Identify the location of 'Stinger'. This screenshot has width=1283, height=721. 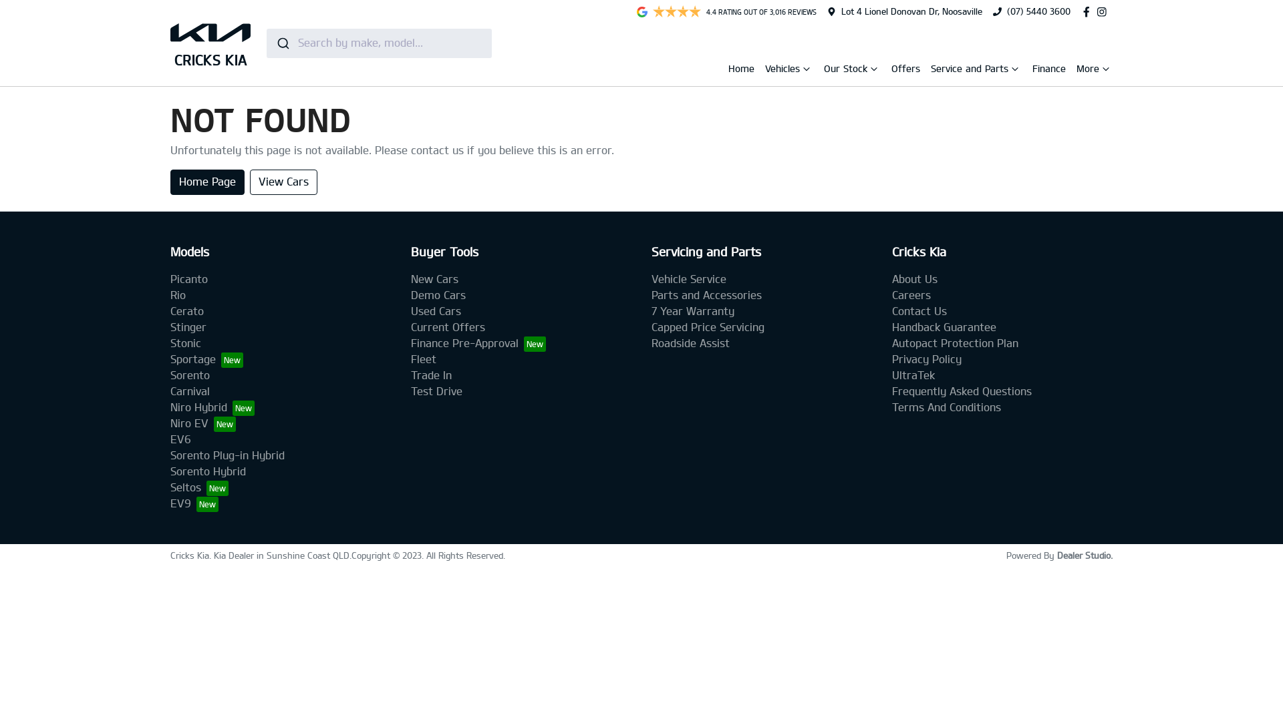
(188, 327).